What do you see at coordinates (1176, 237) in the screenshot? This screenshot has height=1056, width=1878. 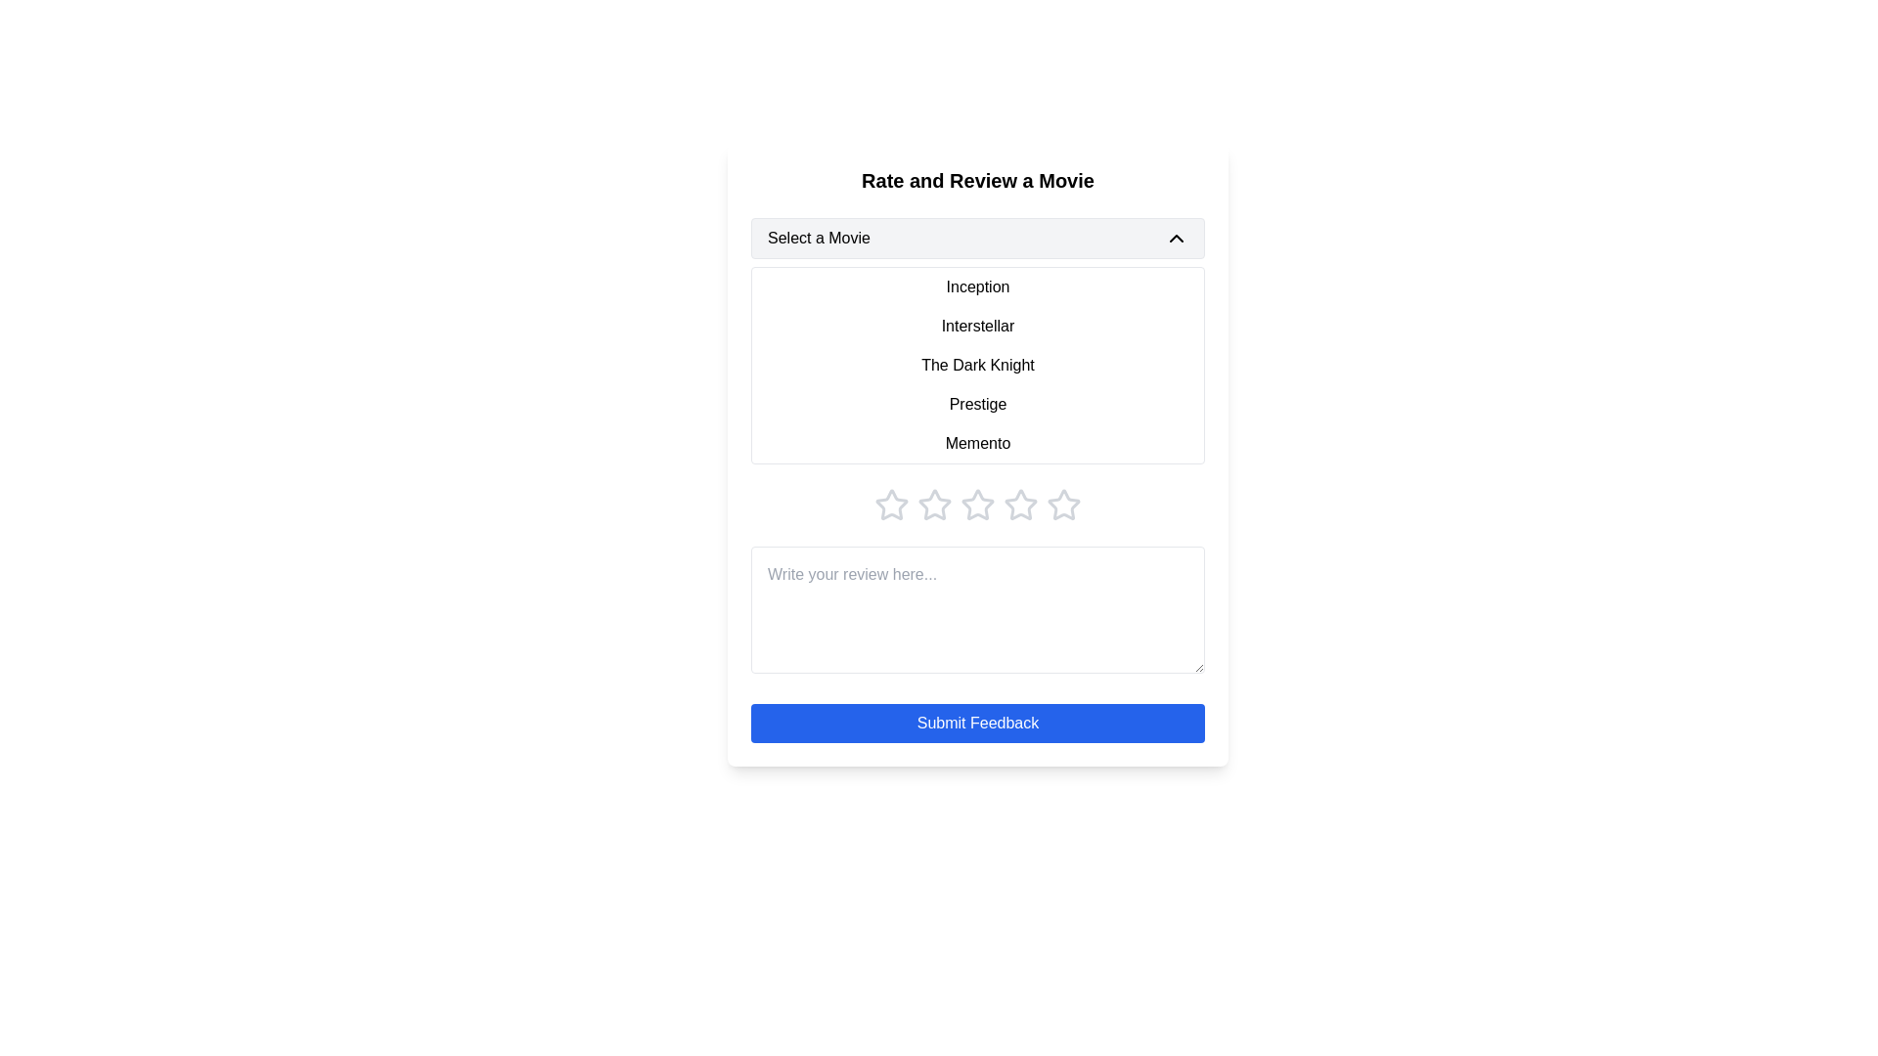 I see `the icon button represented by an upward-facing arrow located at the far-right edge of the 'Select a Movie' section` at bounding box center [1176, 237].